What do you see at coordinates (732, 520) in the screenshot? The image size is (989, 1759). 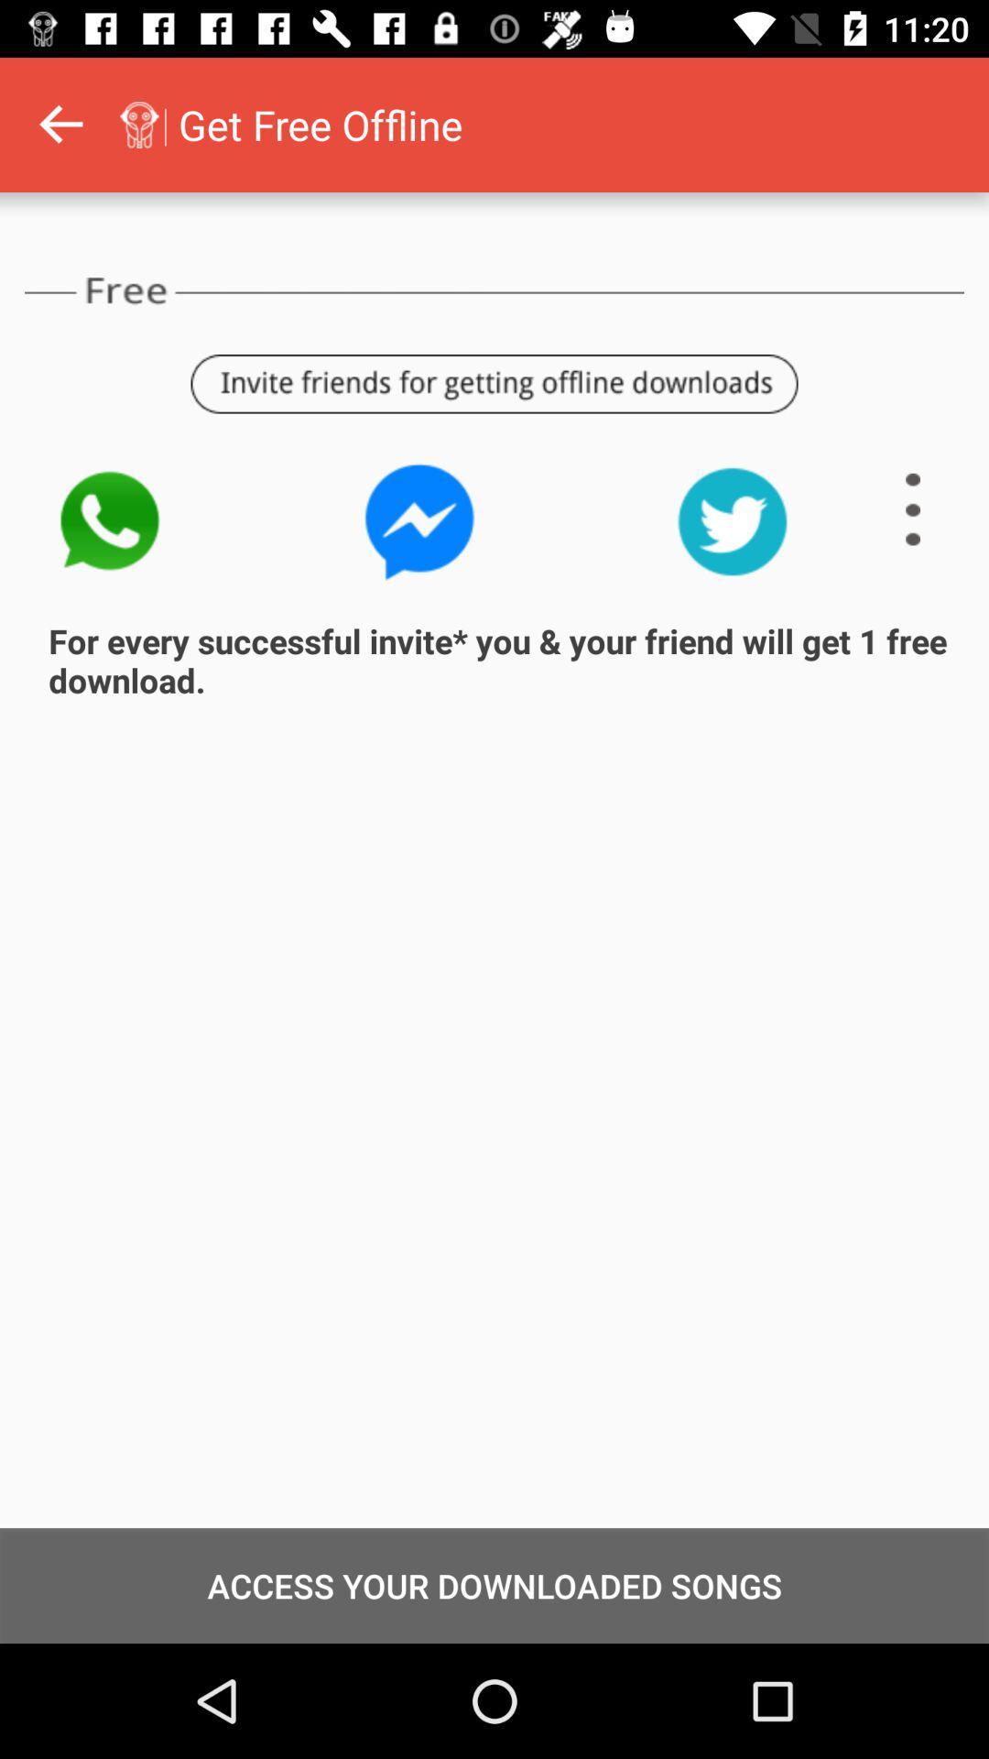 I see `twitter` at bounding box center [732, 520].